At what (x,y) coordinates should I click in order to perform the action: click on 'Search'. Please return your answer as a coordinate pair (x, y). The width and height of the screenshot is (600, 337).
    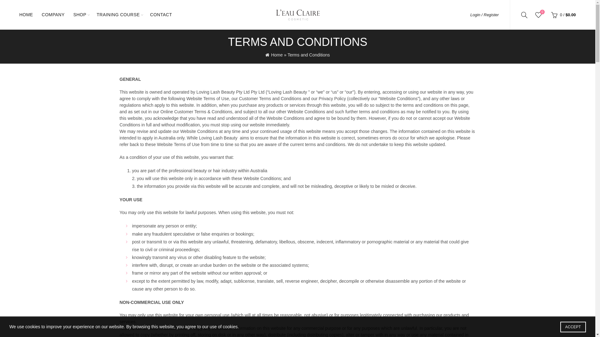
    Looking at the image, I should click on (12, 18).